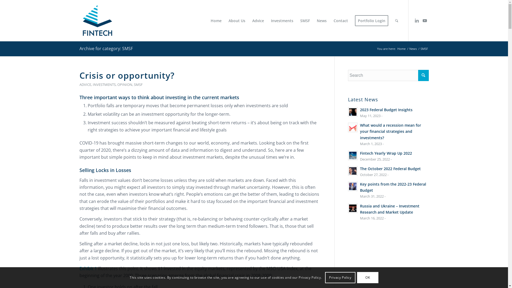  I want to click on 'Contact', so click(340, 20).